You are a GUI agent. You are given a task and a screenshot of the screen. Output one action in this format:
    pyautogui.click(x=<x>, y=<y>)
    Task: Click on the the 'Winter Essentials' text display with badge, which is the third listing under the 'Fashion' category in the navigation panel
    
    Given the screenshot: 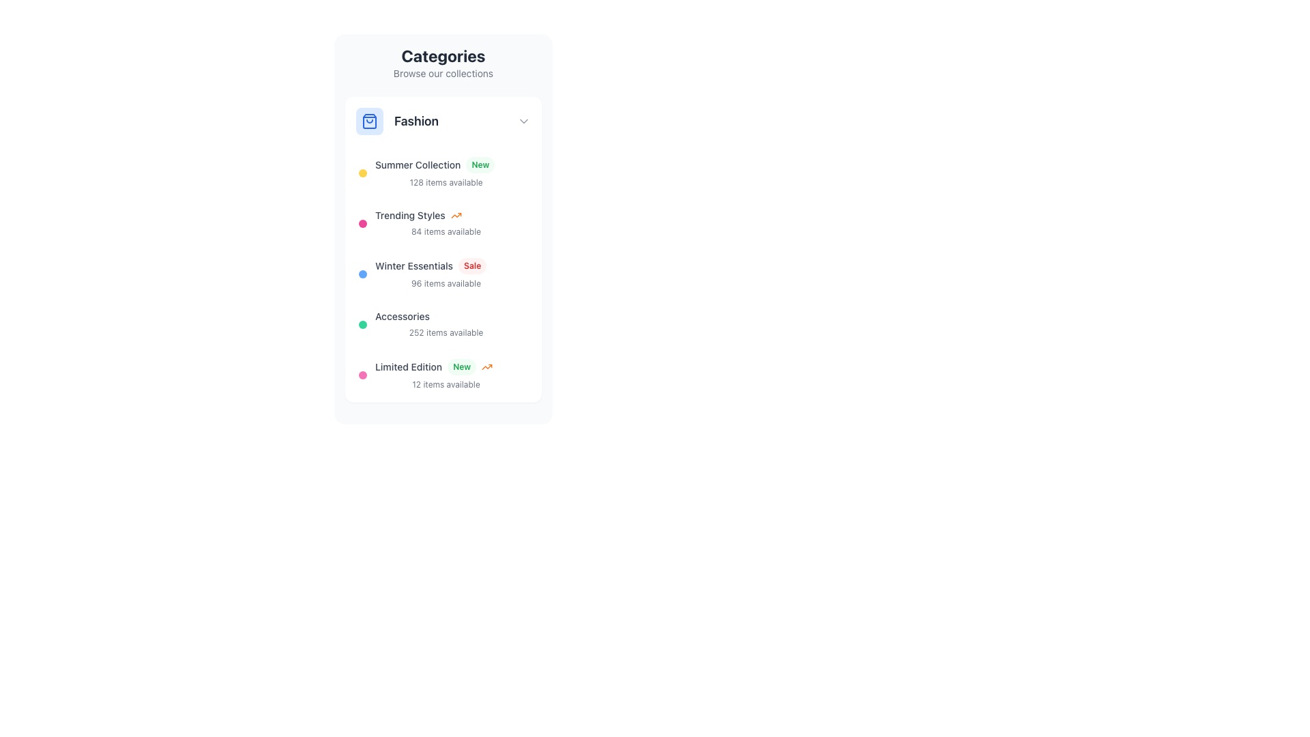 What is the action you would take?
    pyautogui.click(x=446, y=274)
    